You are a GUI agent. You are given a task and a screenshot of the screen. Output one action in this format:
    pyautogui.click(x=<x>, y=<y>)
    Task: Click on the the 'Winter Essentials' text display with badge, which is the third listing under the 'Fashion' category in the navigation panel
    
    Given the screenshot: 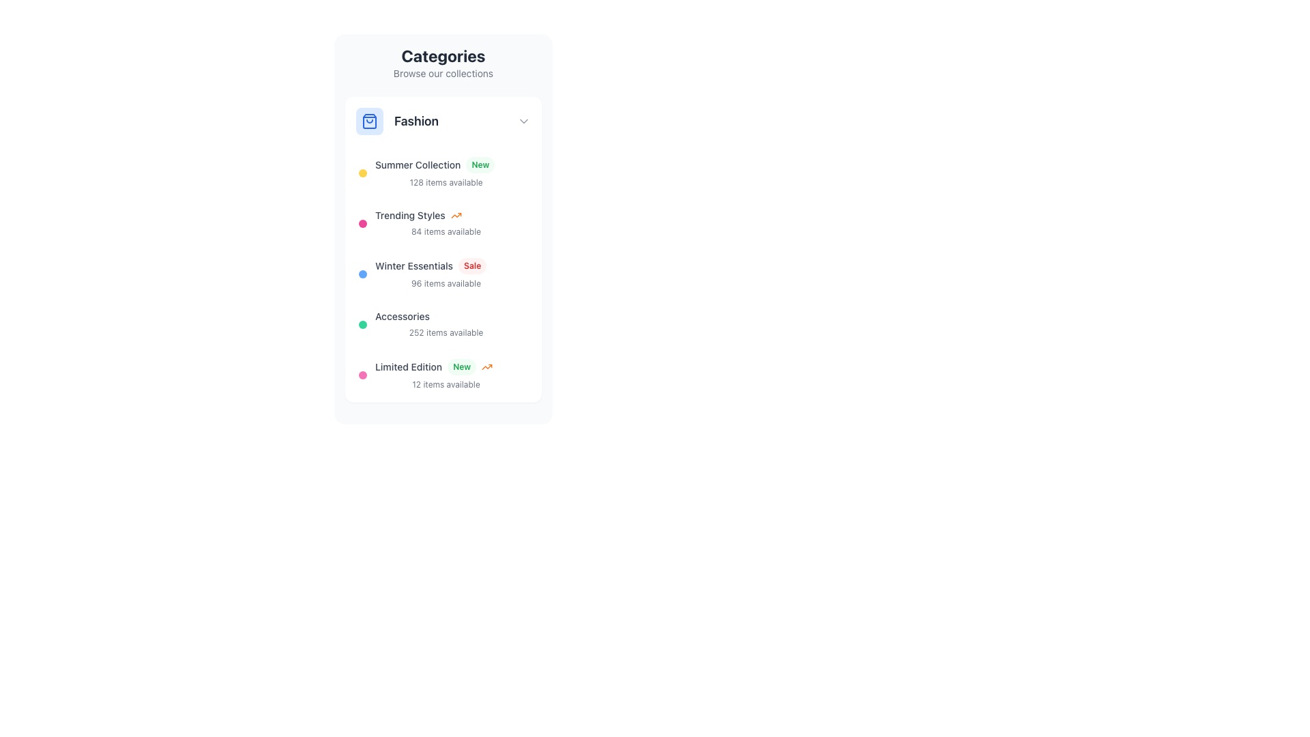 What is the action you would take?
    pyautogui.click(x=446, y=274)
    